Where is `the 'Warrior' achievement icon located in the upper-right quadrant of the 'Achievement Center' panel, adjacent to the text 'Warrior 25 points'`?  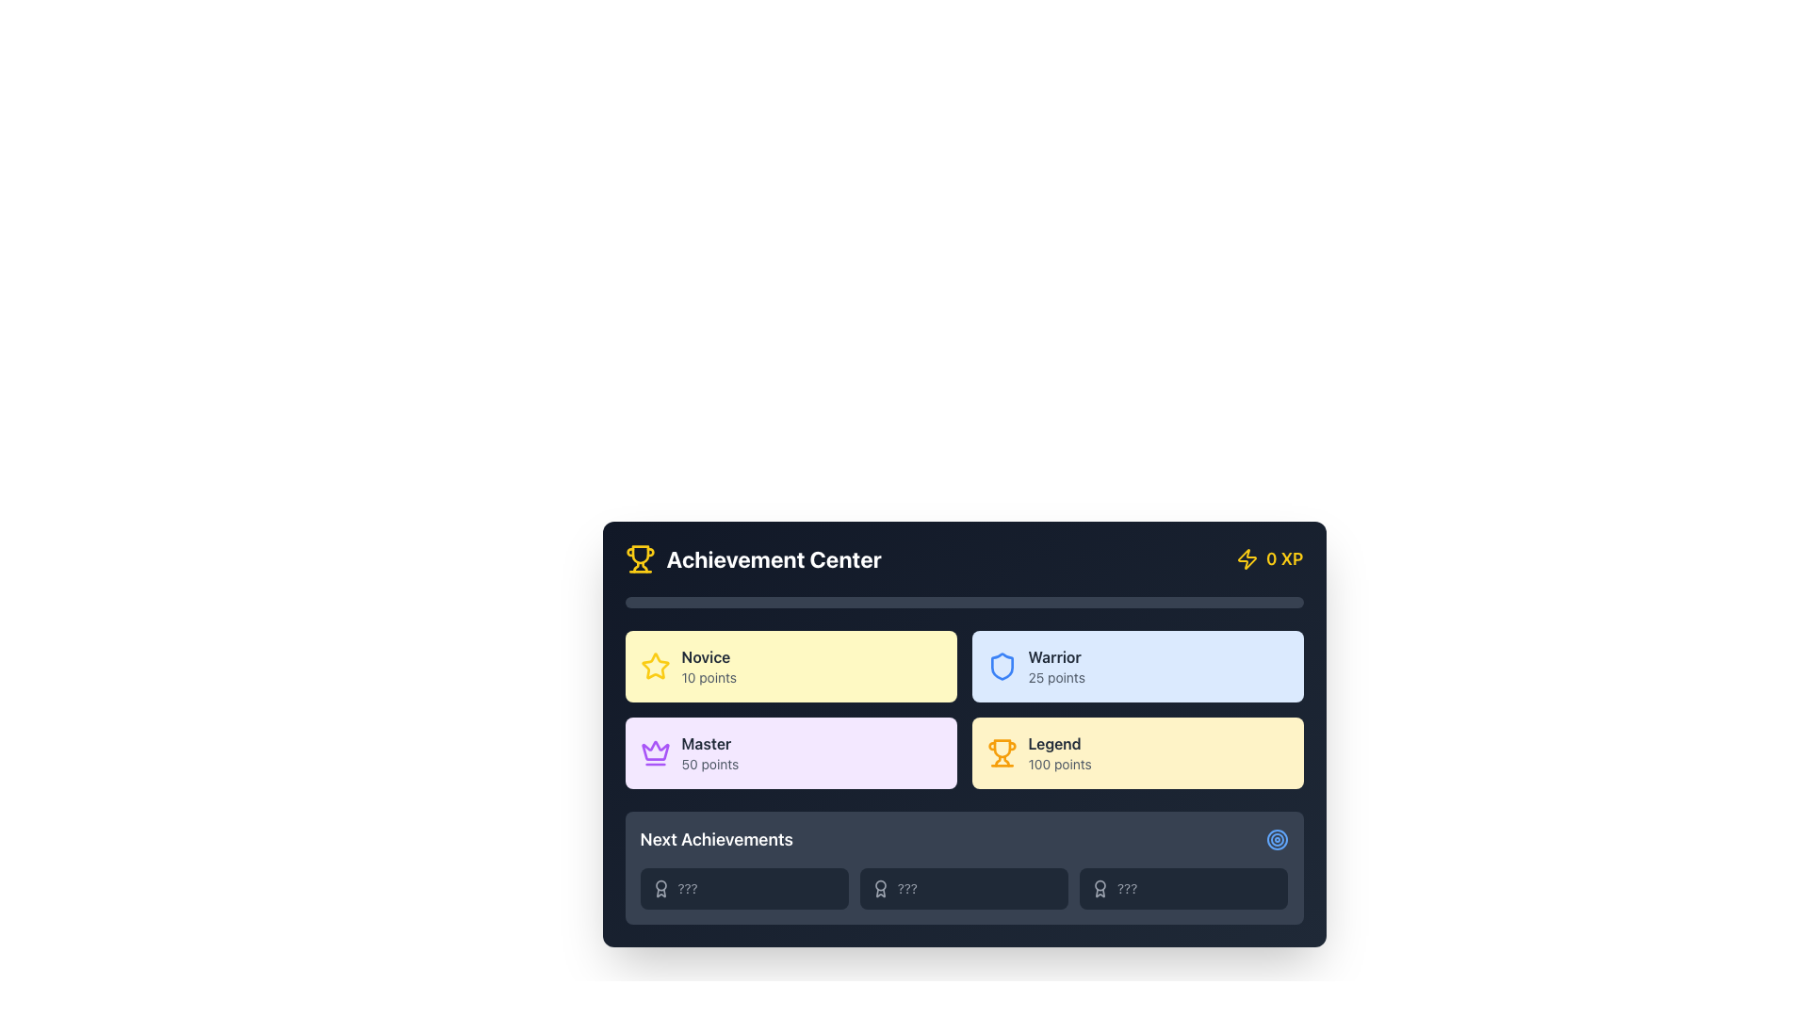
the 'Warrior' achievement icon located in the upper-right quadrant of the 'Achievement Center' panel, adjacent to the text 'Warrior 25 points' is located at coordinates (1001, 666).